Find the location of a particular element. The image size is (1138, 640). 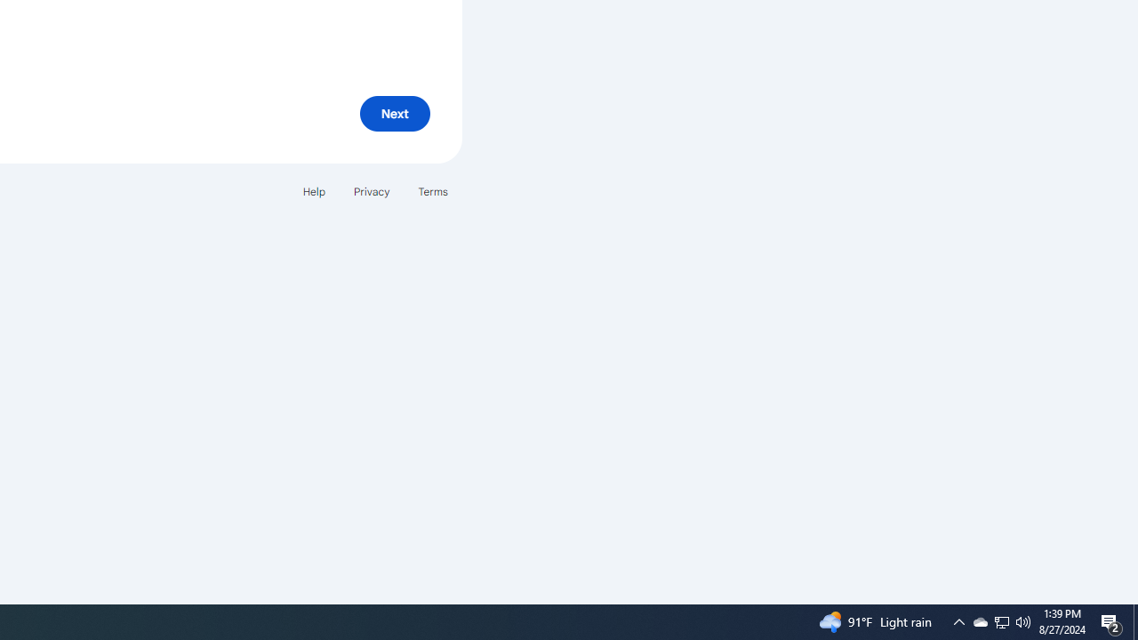

'Help' is located at coordinates (313, 191).